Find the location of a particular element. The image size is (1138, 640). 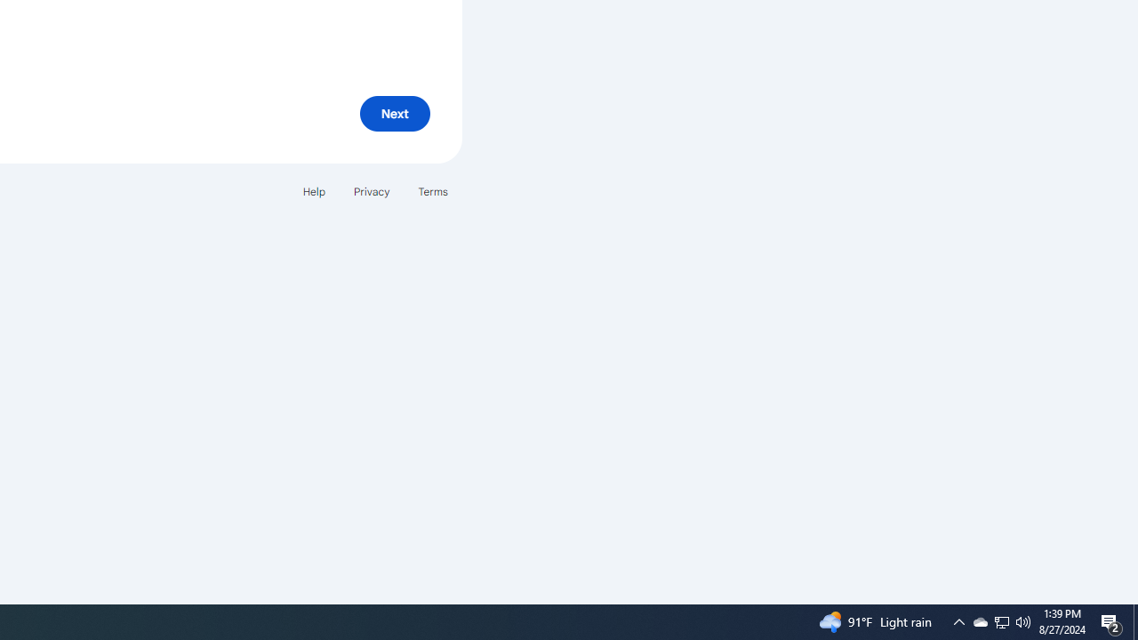

'Help' is located at coordinates (313, 191).